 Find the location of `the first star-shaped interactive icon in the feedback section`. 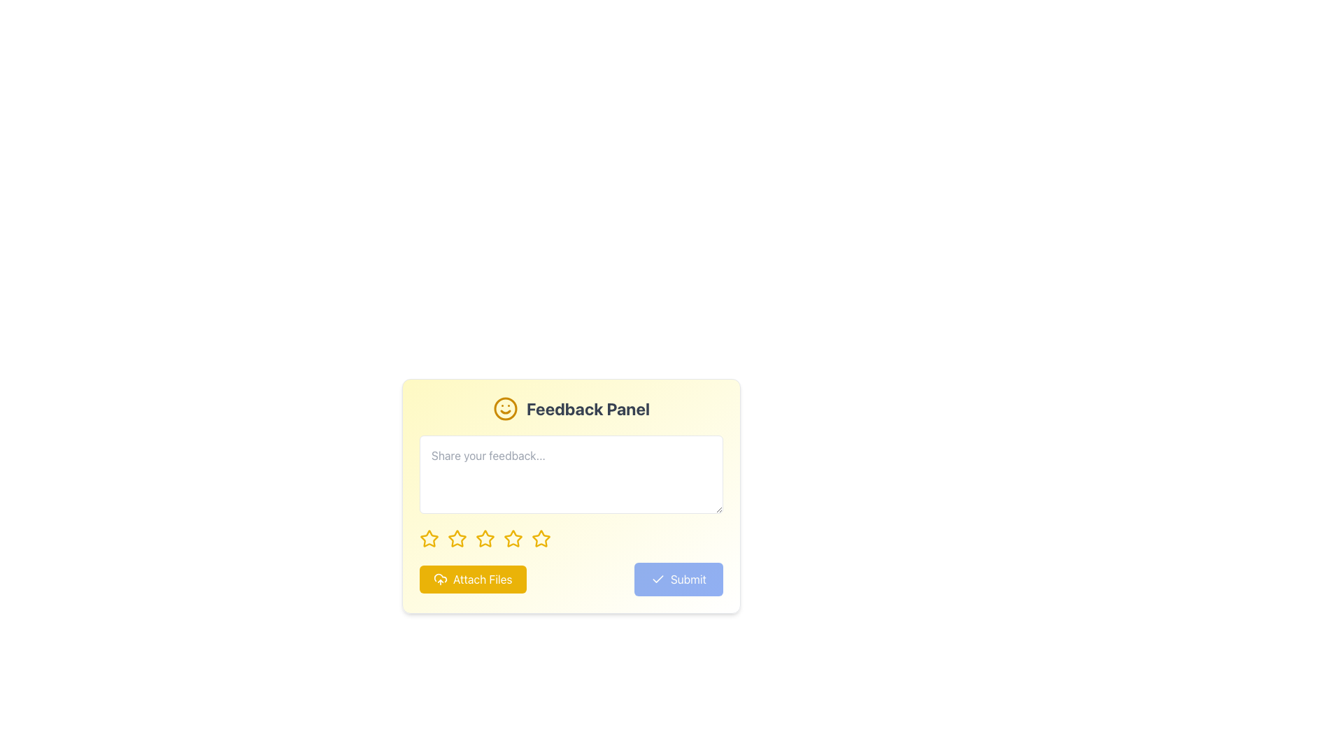

the first star-shaped interactive icon in the feedback section is located at coordinates (429, 538).